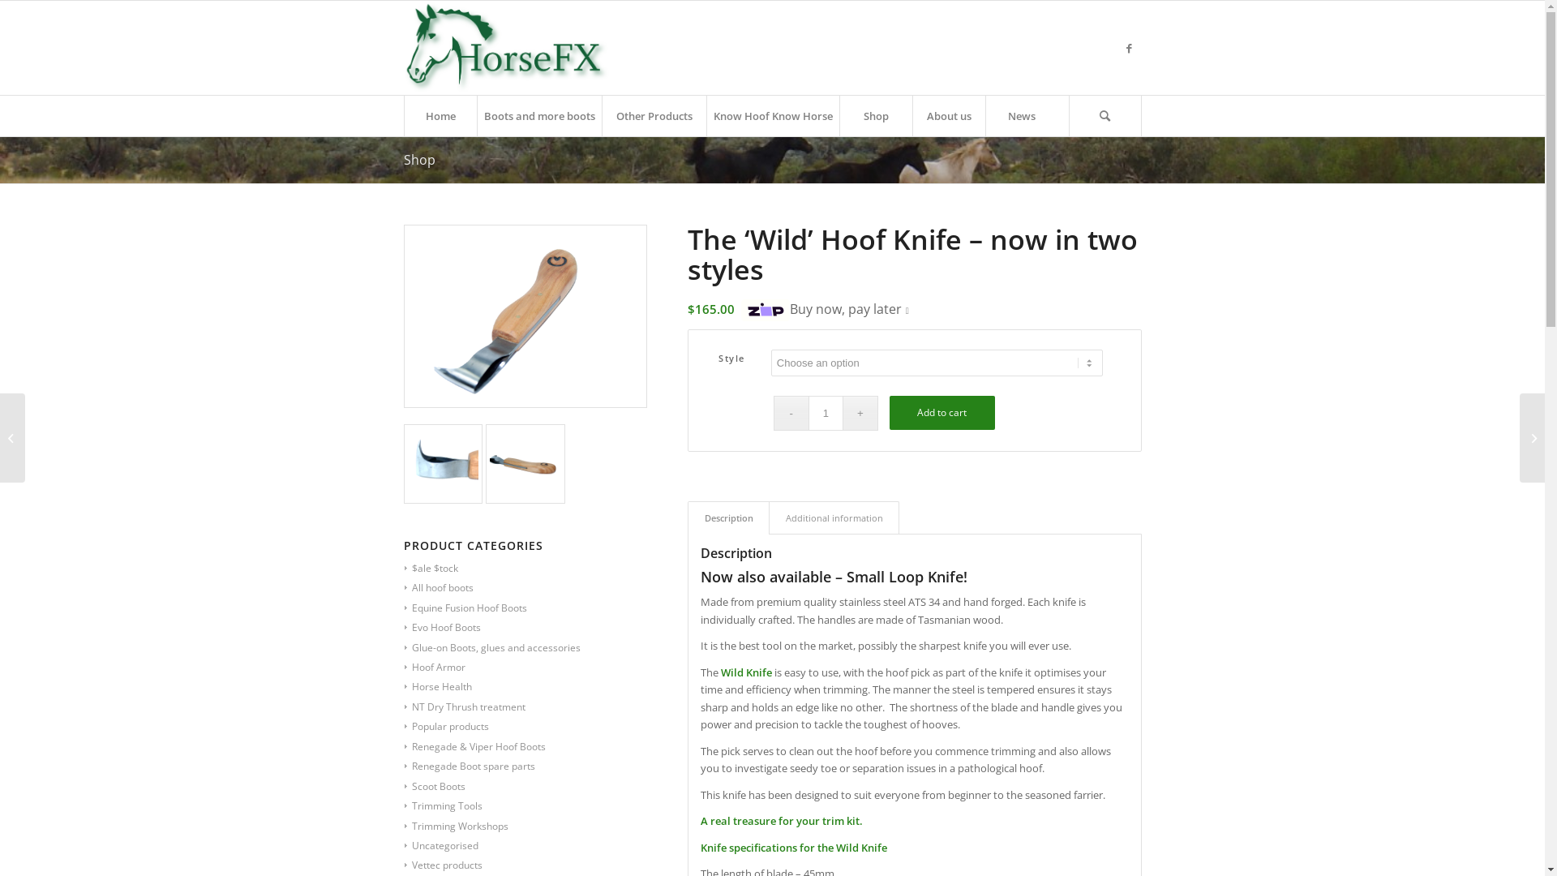 The width and height of the screenshot is (1557, 876). Describe the element at coordinates (404, 864) in the screenshot. I see `'Vettec products'` at that location.